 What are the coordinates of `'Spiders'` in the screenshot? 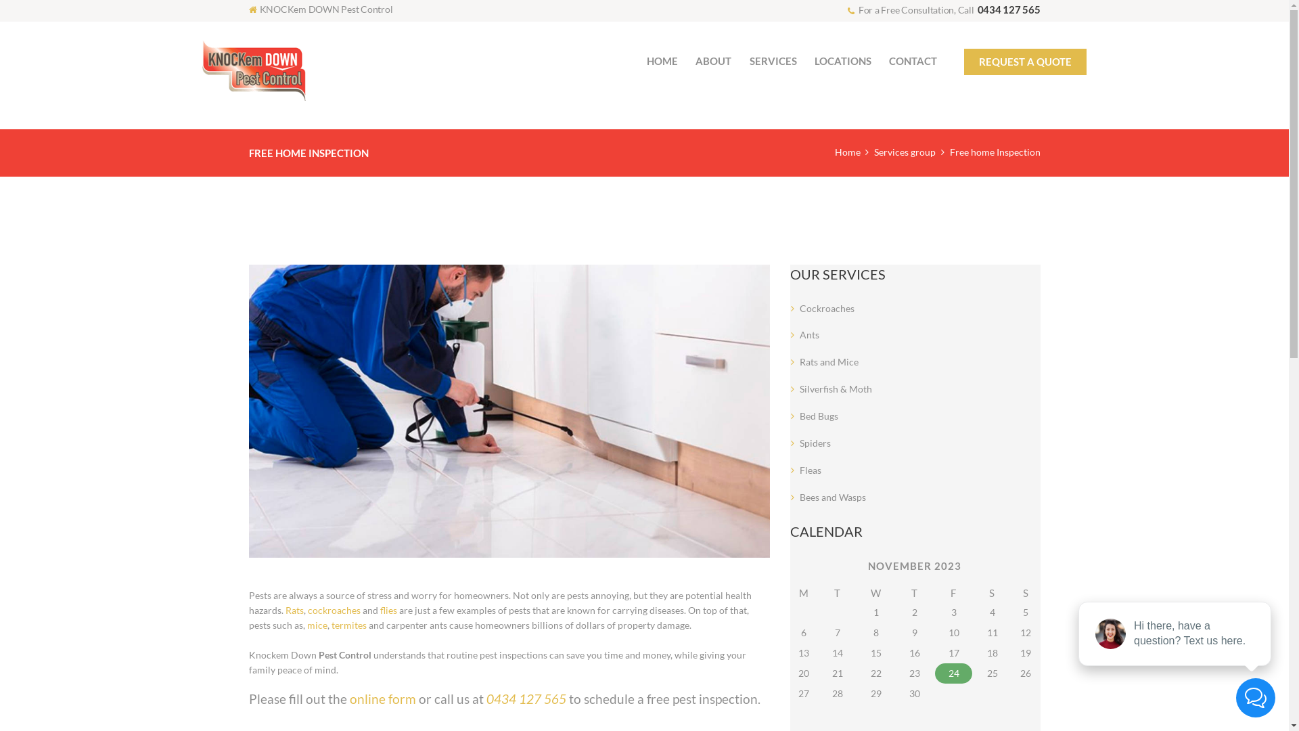 It's located at (814, 443).